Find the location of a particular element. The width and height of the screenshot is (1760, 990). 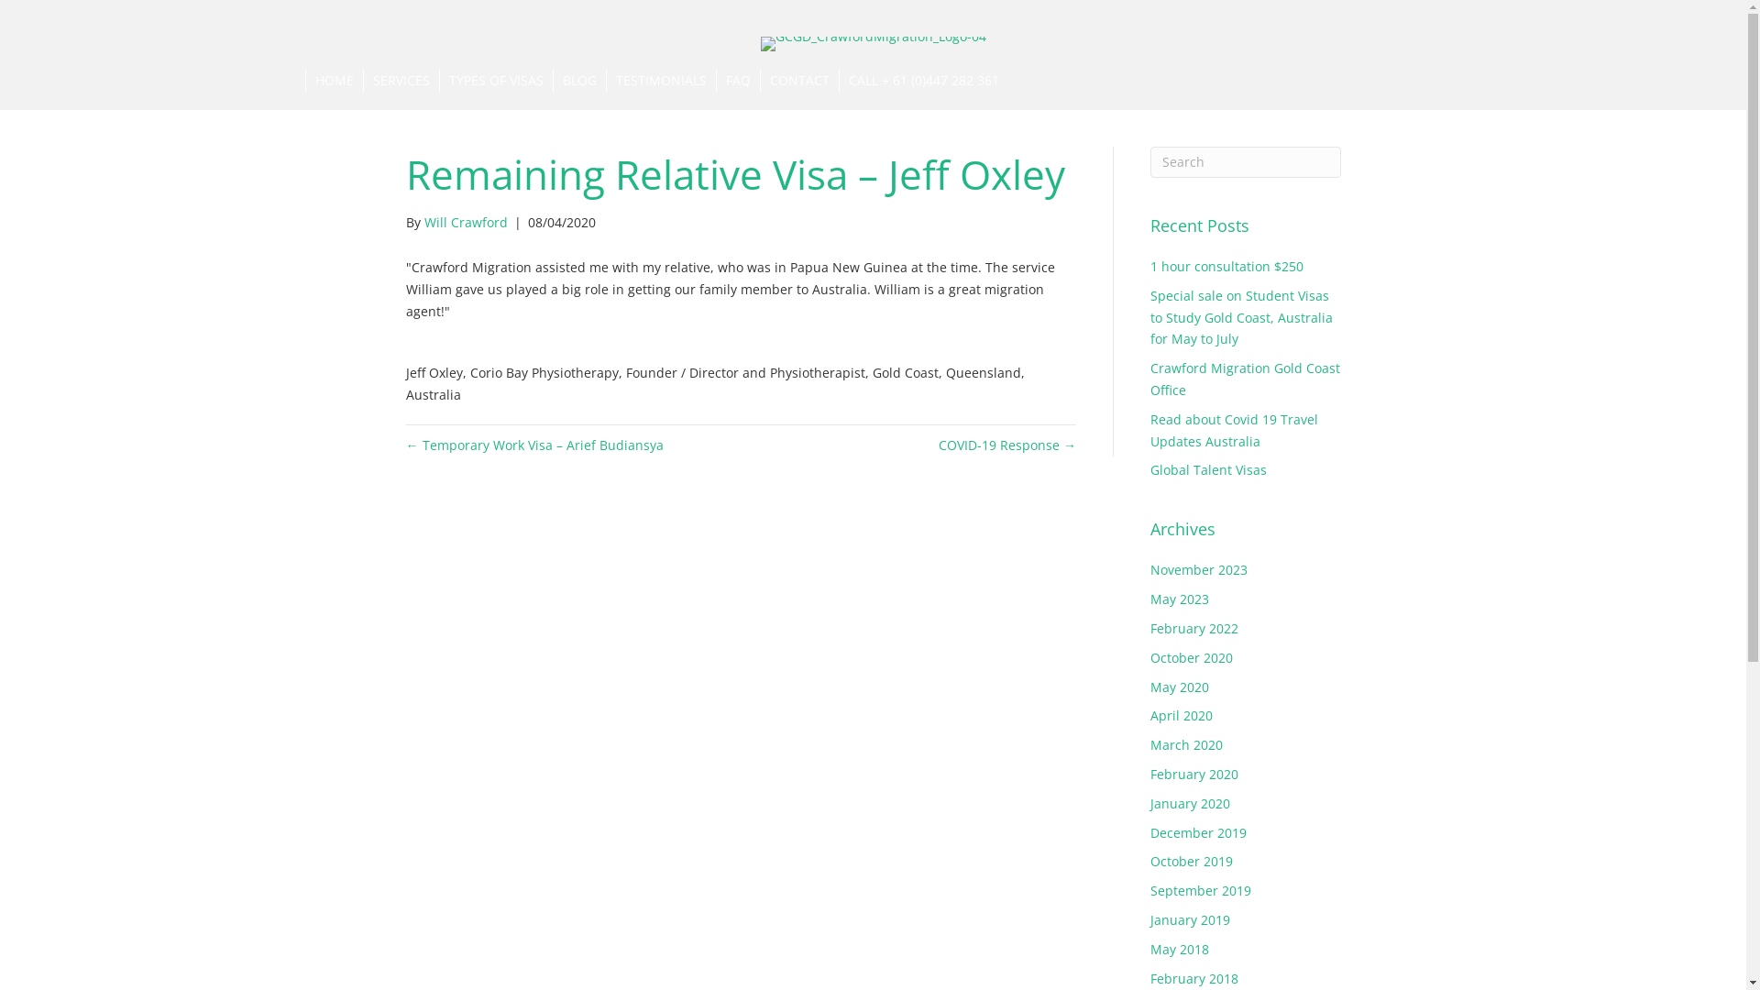

'GCGD_CrawfordMigration_Logo-04' is located at coordinates (873, 42).